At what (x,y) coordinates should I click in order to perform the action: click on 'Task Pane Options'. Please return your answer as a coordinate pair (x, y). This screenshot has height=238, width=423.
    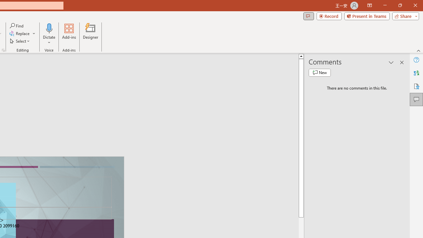
    Looking at the image, I should click on (391, 62).